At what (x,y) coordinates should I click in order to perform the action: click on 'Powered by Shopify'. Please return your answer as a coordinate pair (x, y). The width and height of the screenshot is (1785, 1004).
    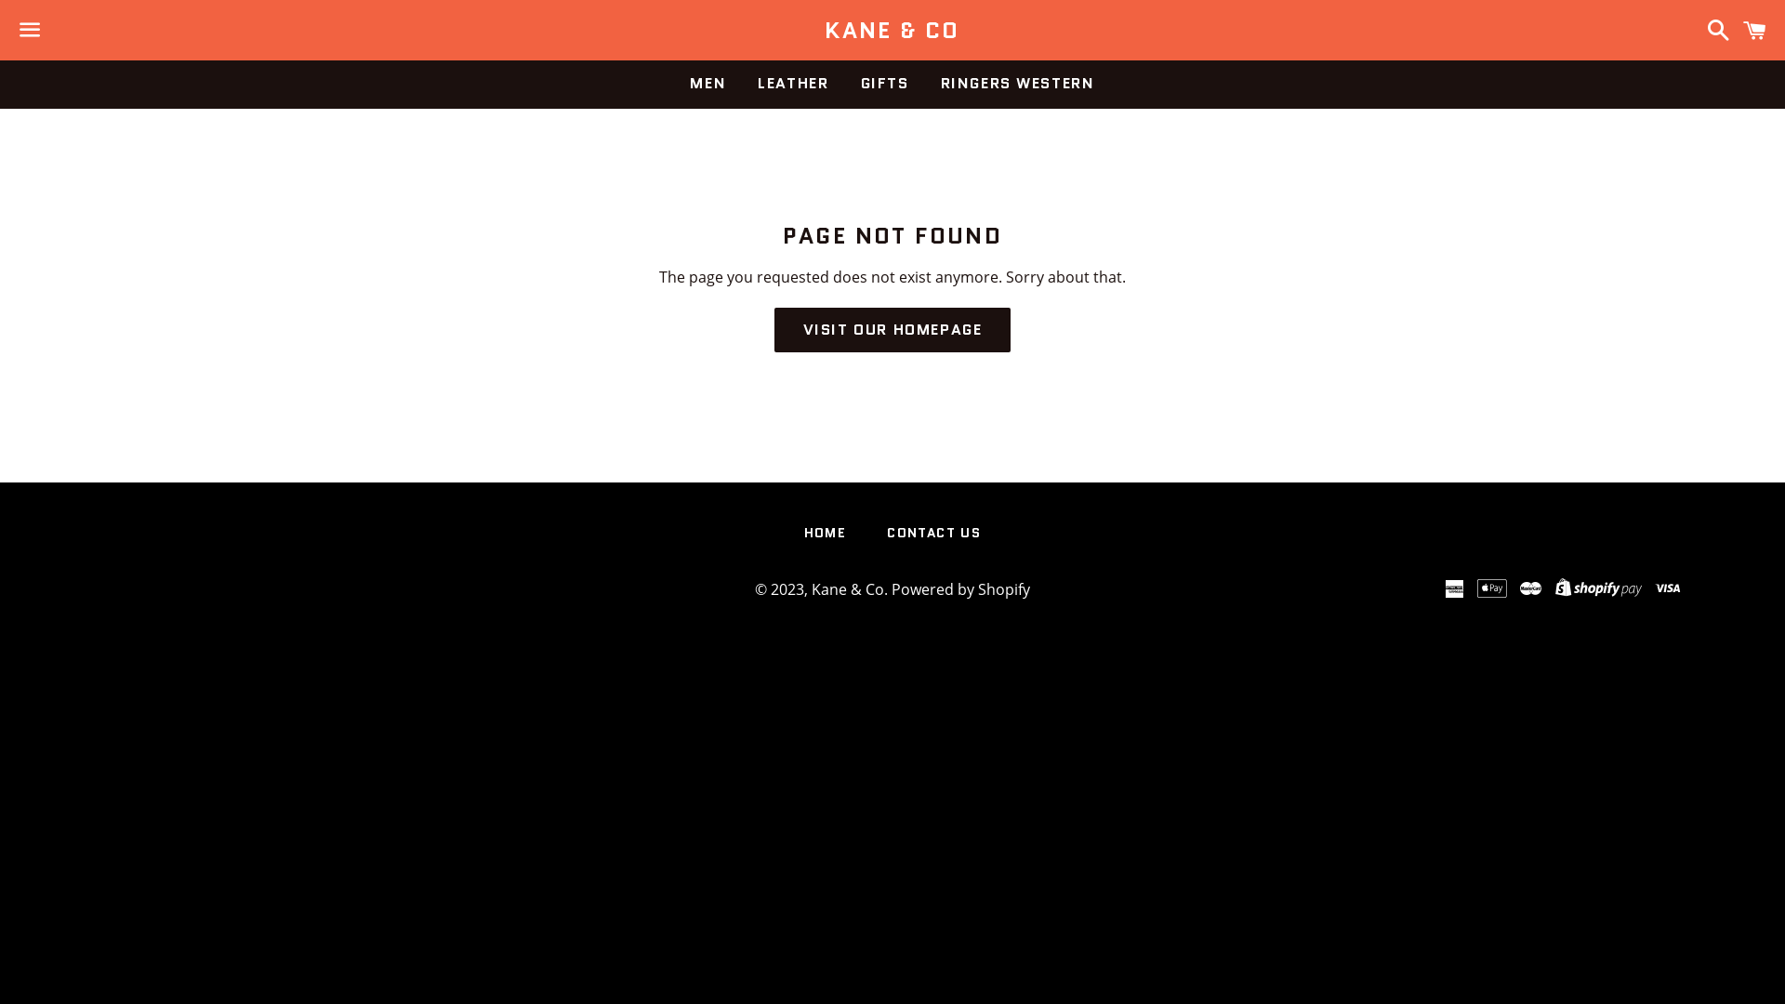
    Looking at the image, I should click on (960, 588).